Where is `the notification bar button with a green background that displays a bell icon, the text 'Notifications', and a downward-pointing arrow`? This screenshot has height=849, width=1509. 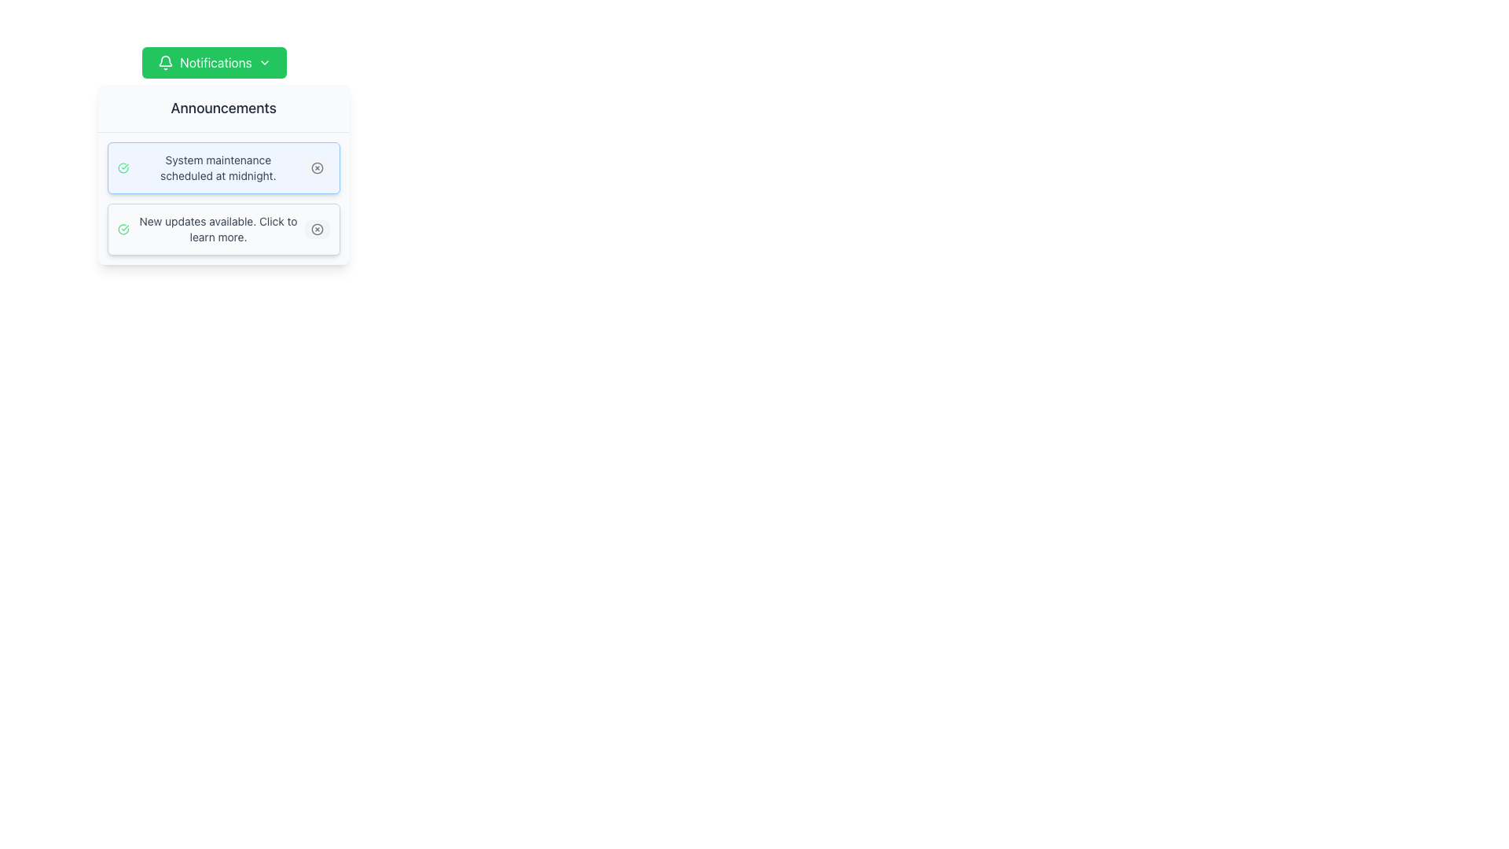
the notification bar button with a green background that displays a bell icon, the text 'Notifications', and a downward-pointing arrow is located at coordinates (214, 62).